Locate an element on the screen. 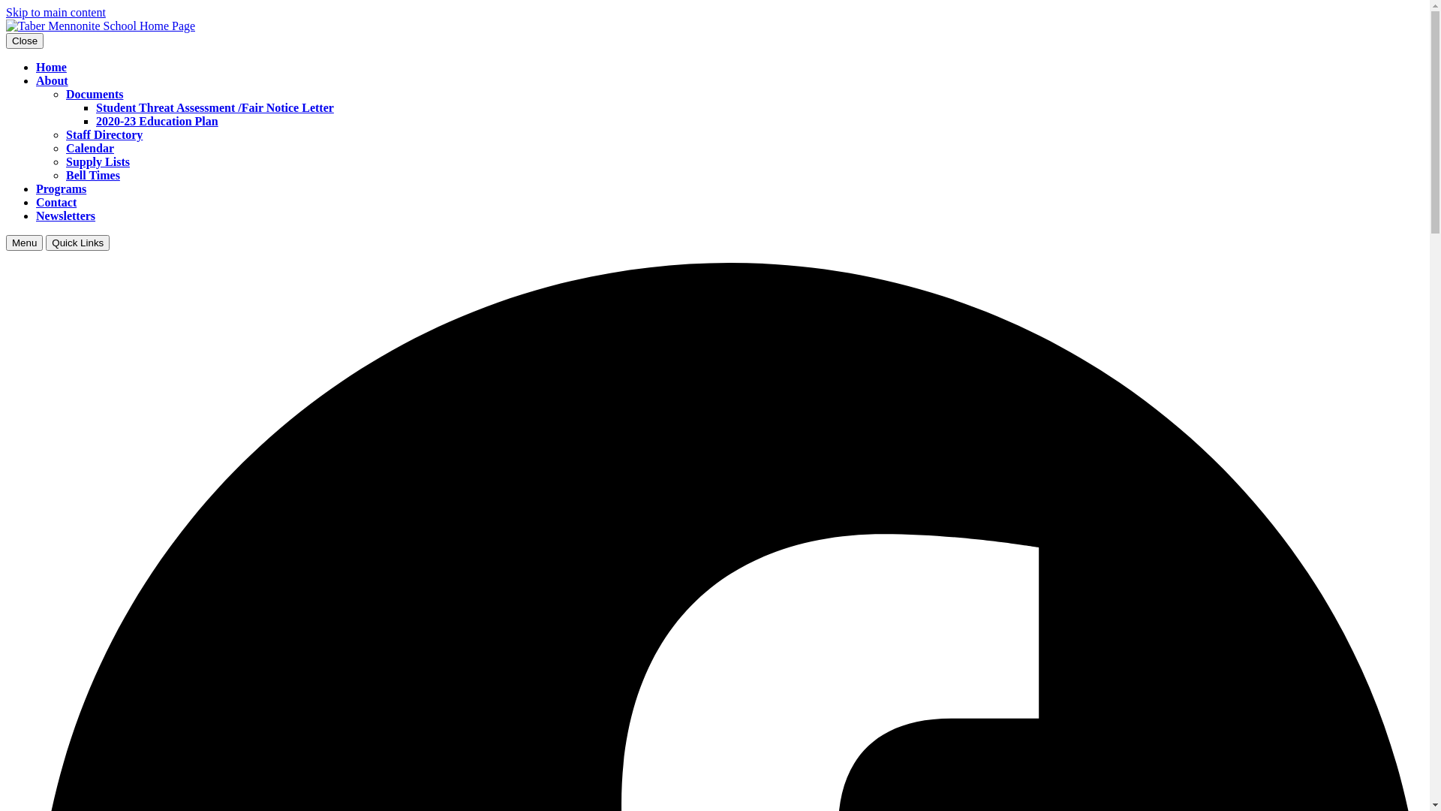  'Documents' is located at coordinates (93, 94).